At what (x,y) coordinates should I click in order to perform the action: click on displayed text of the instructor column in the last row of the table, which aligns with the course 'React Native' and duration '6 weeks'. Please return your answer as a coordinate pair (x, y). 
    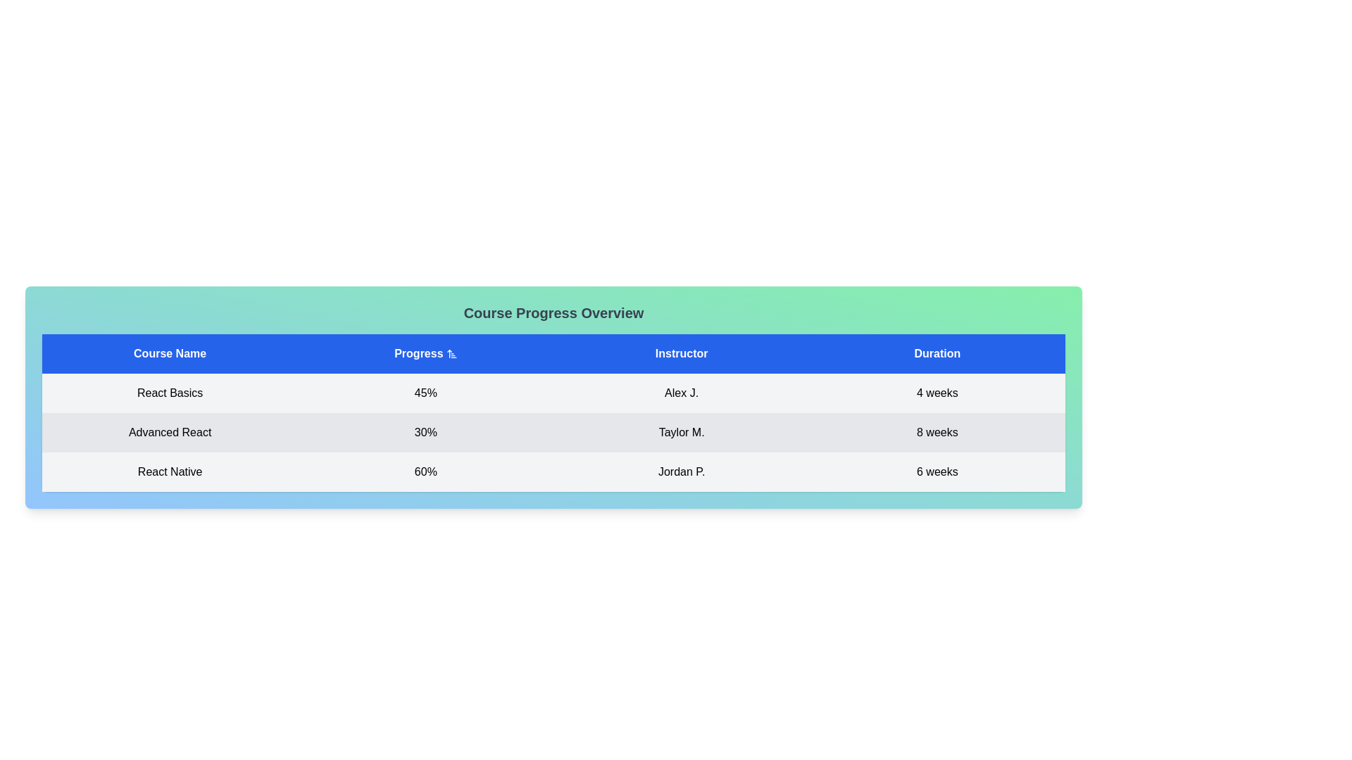
    Looking at the image, I should click on (682, 472).